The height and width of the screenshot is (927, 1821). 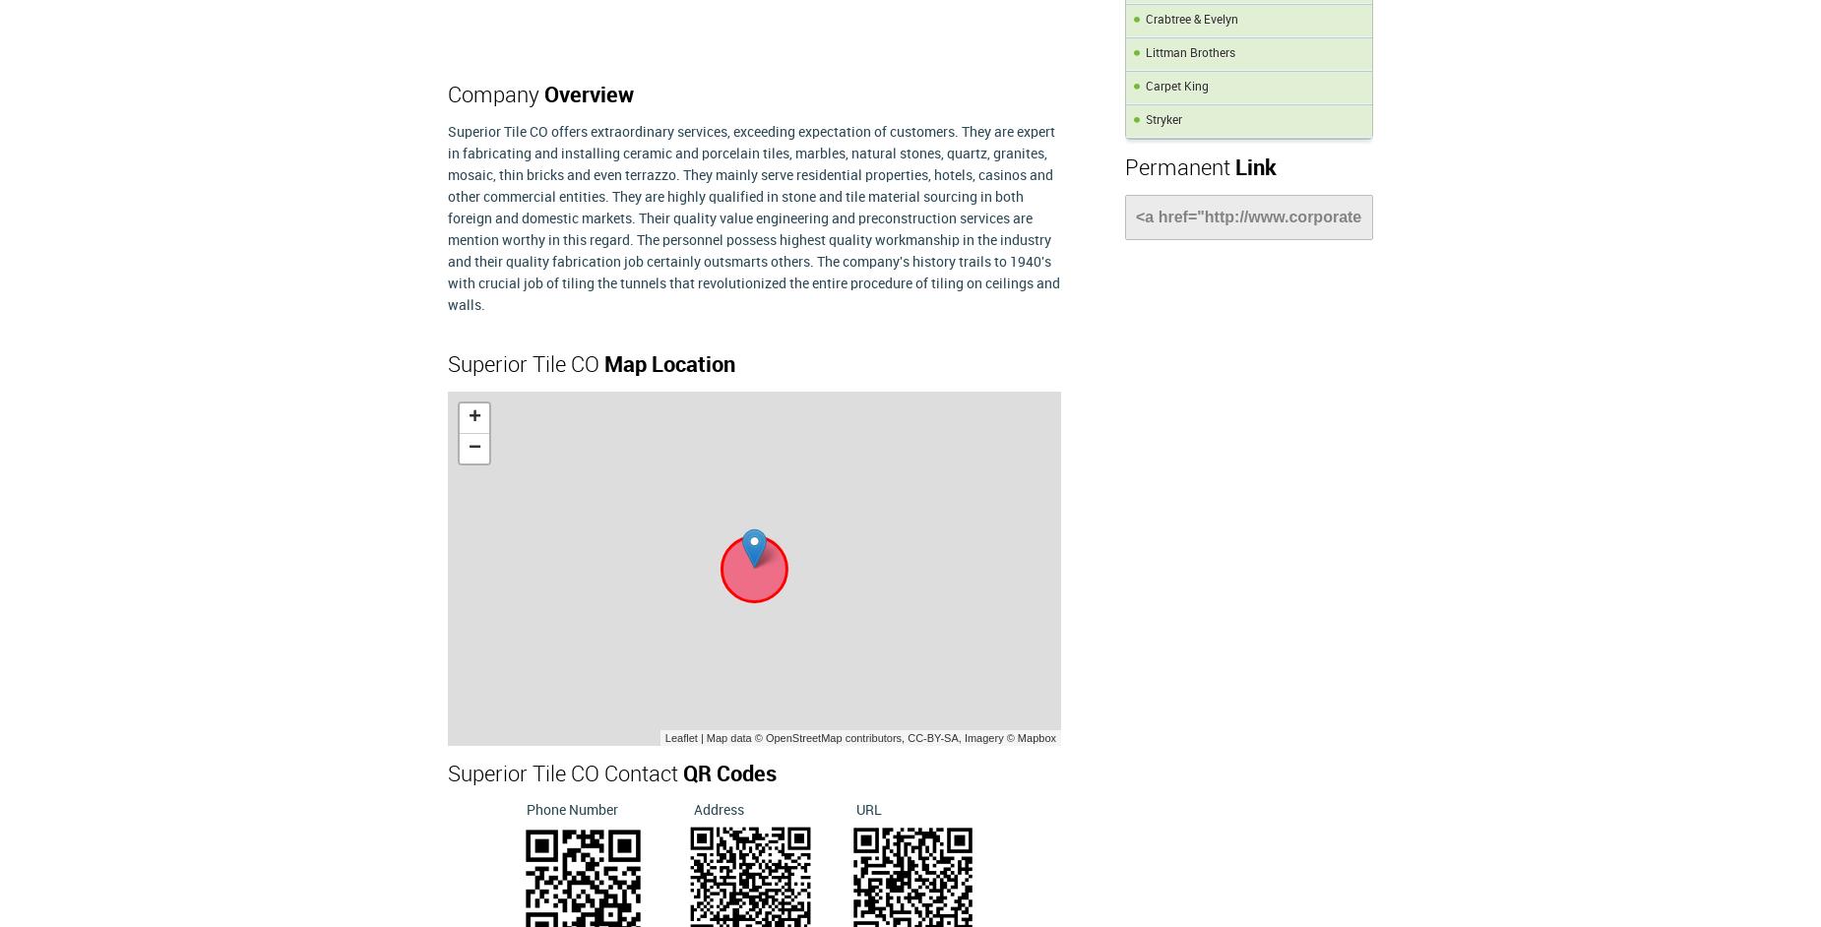 I want to click on 'Superior Tile CO', so click(x=526, y=364).